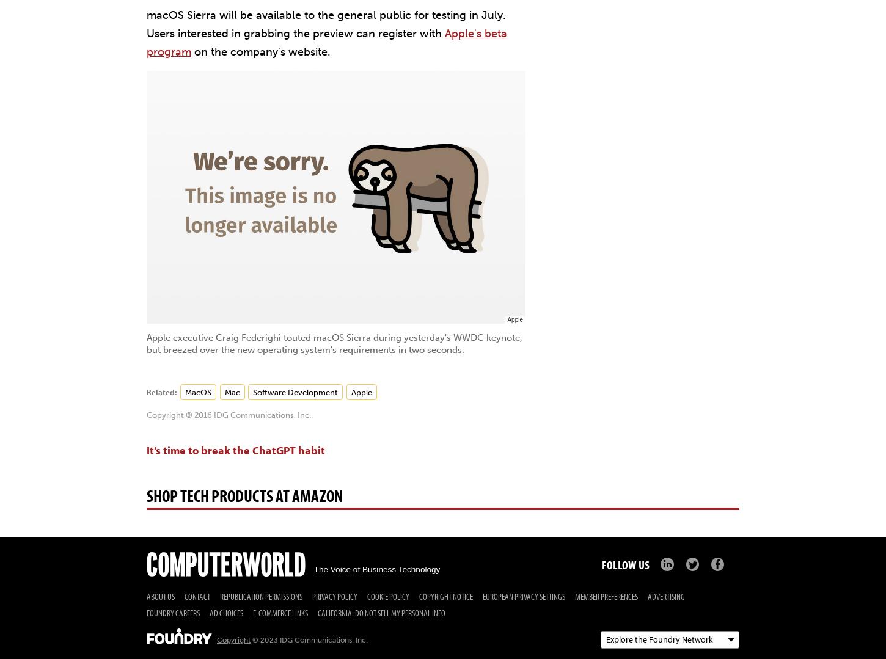 The width and height of the screenshot is (886, 659). I want to click on 'Shop Tech Products at Amazon', so click(244, 495).